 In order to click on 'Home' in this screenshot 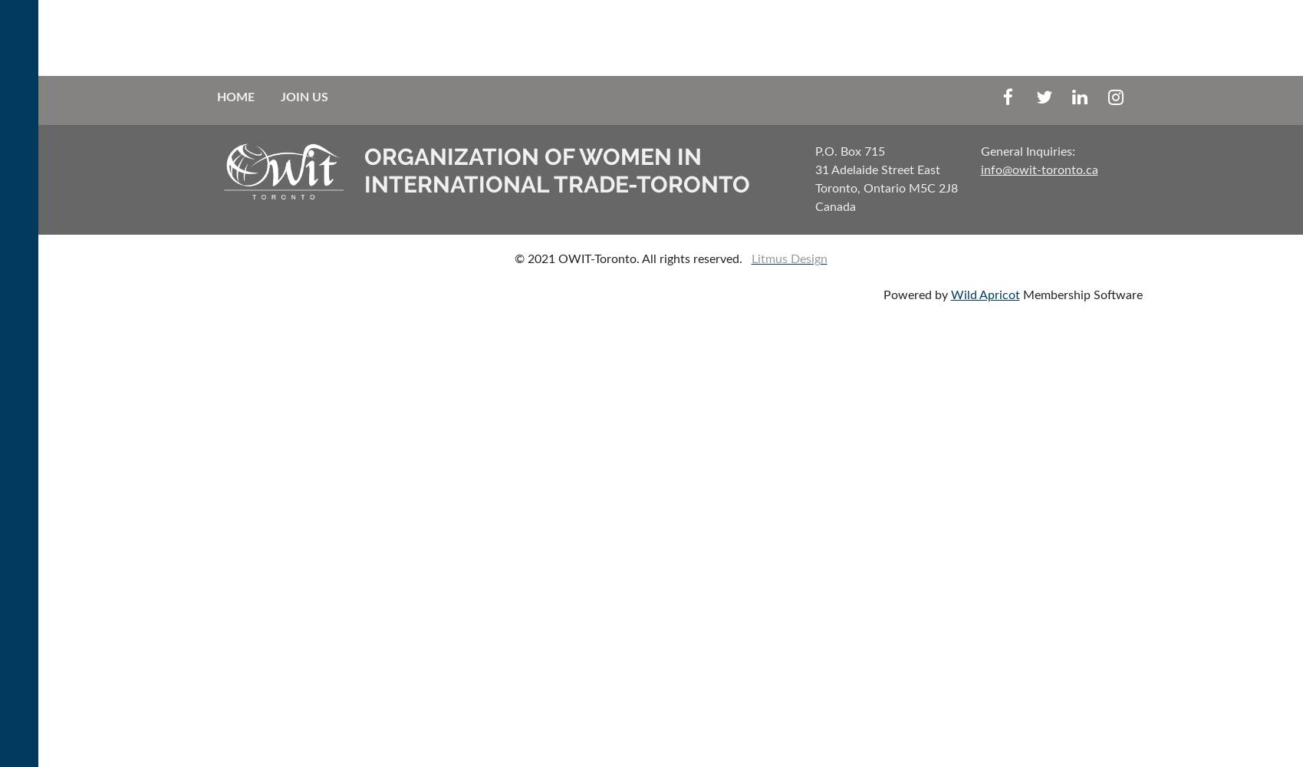, I will do `click(234, 97)`.